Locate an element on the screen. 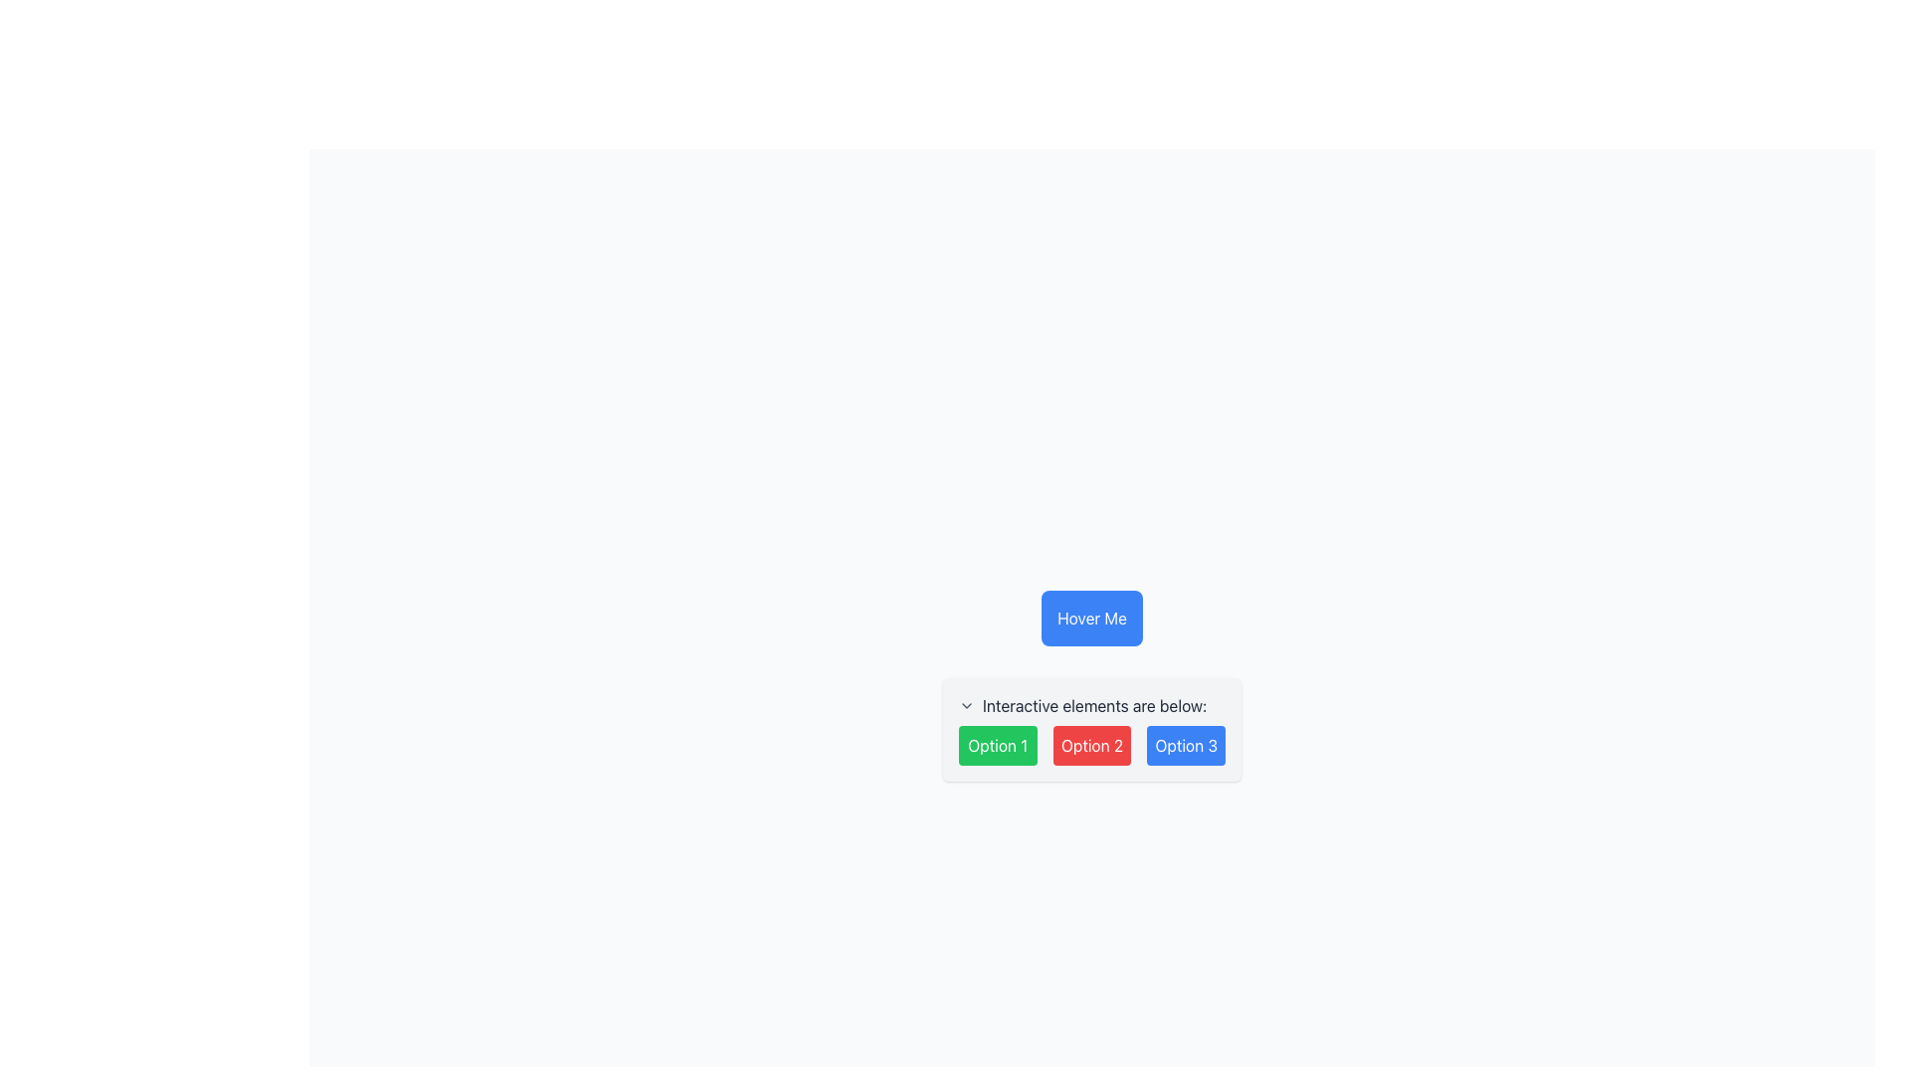  the button-like component with a blue background and the text 'Hover Me', which is centrally aligned and positioned above three buttons labeled 'Option 1', 'Option 2', and 'Option 3' is located at coordinates (1091, 617).